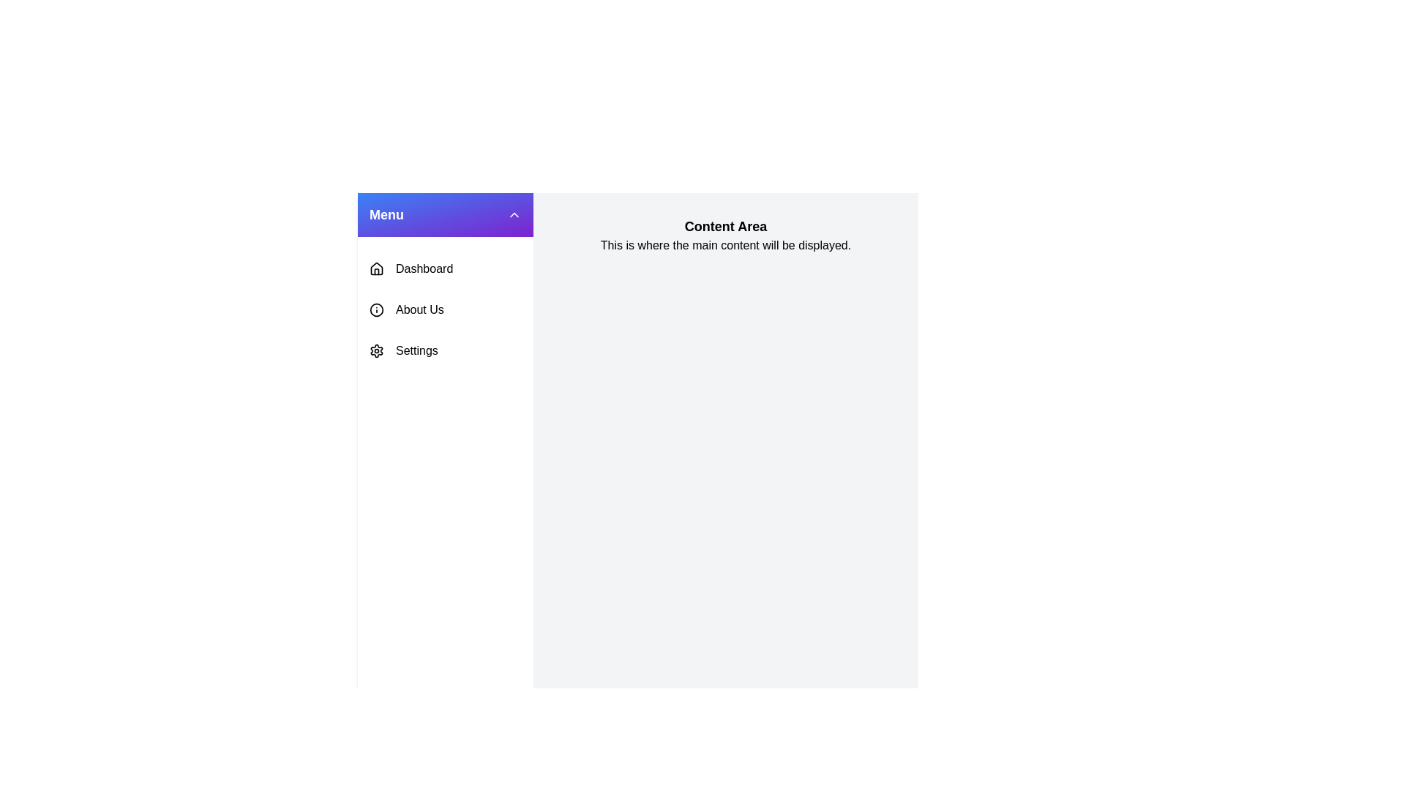  I want to click on the menu item Dashboard from the sidebar, so click(445, 268).